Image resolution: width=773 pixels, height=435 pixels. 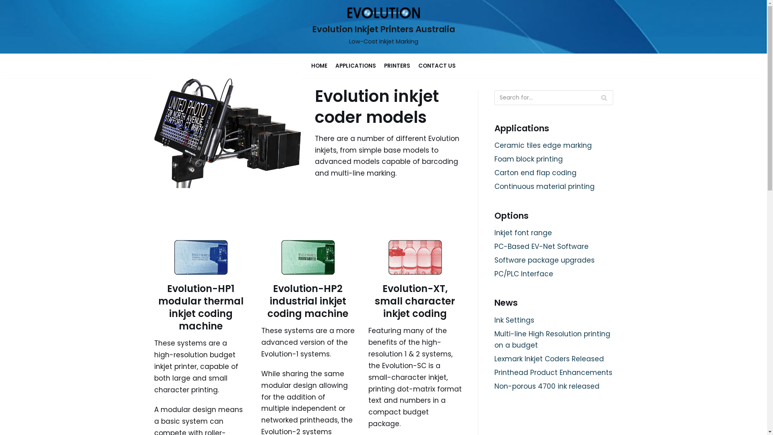 I want to click on 'Lexmark Inkjet Coders Released', so click(x=548, y=358).